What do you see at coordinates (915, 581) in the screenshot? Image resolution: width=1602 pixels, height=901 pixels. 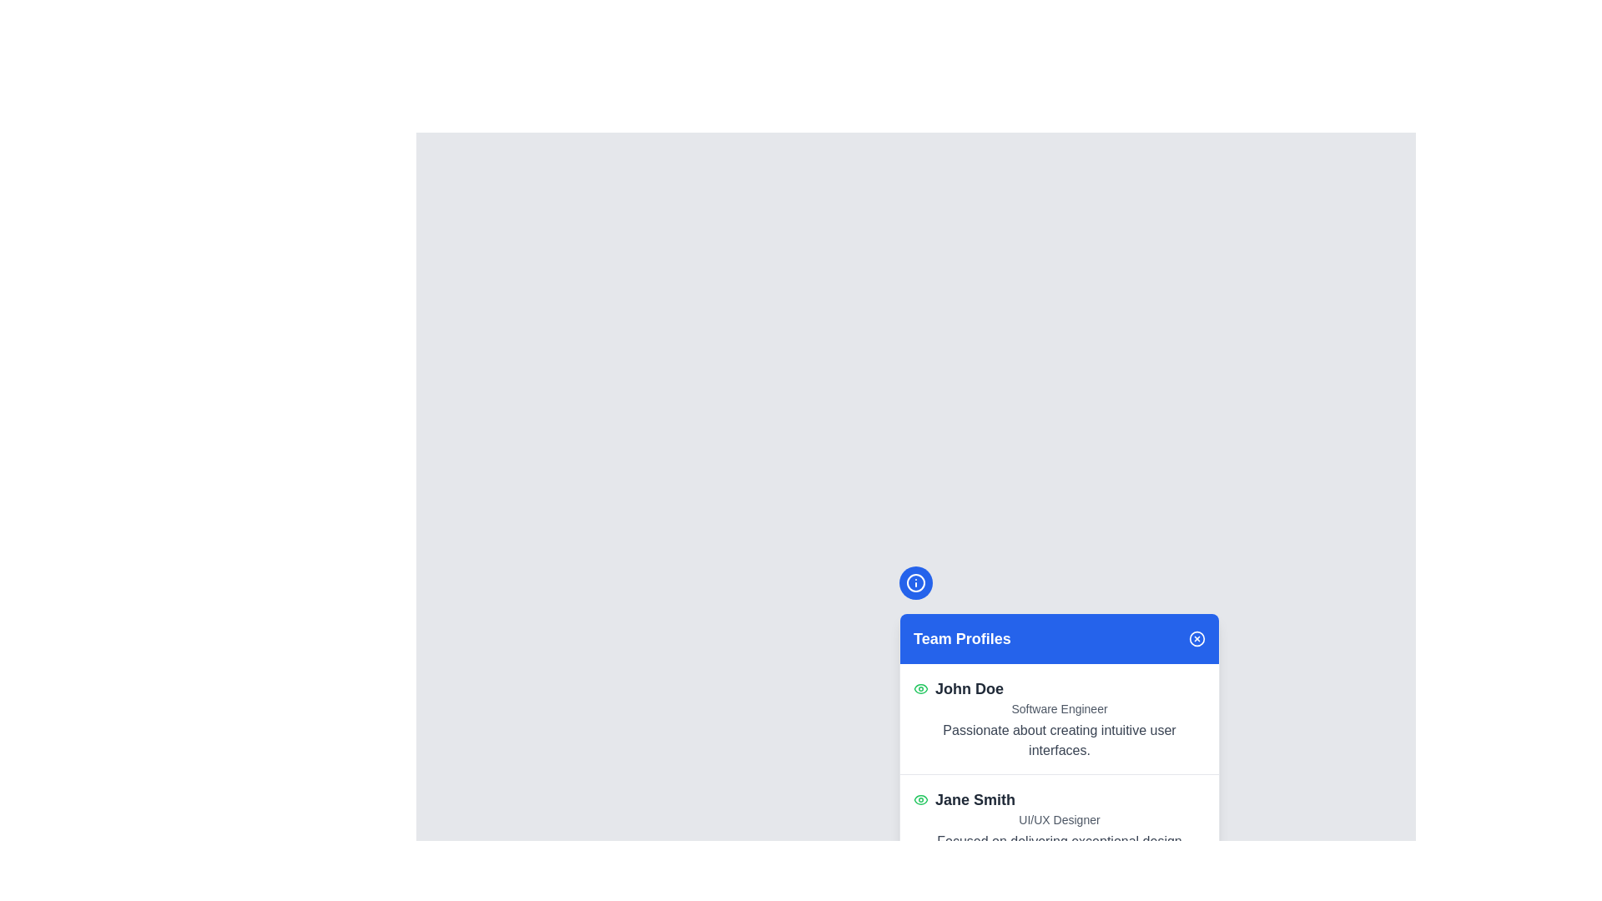 I see `the circular blue button with a white border featuring an information icon, located near the top-left corner of the 'Team Profiles' modal interface` at bounding box center [915, 581].